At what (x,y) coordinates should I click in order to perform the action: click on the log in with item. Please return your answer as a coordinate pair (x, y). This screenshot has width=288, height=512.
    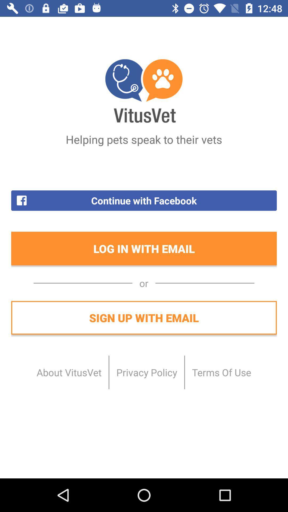
    Looking at the image, I should click on (144, 248).